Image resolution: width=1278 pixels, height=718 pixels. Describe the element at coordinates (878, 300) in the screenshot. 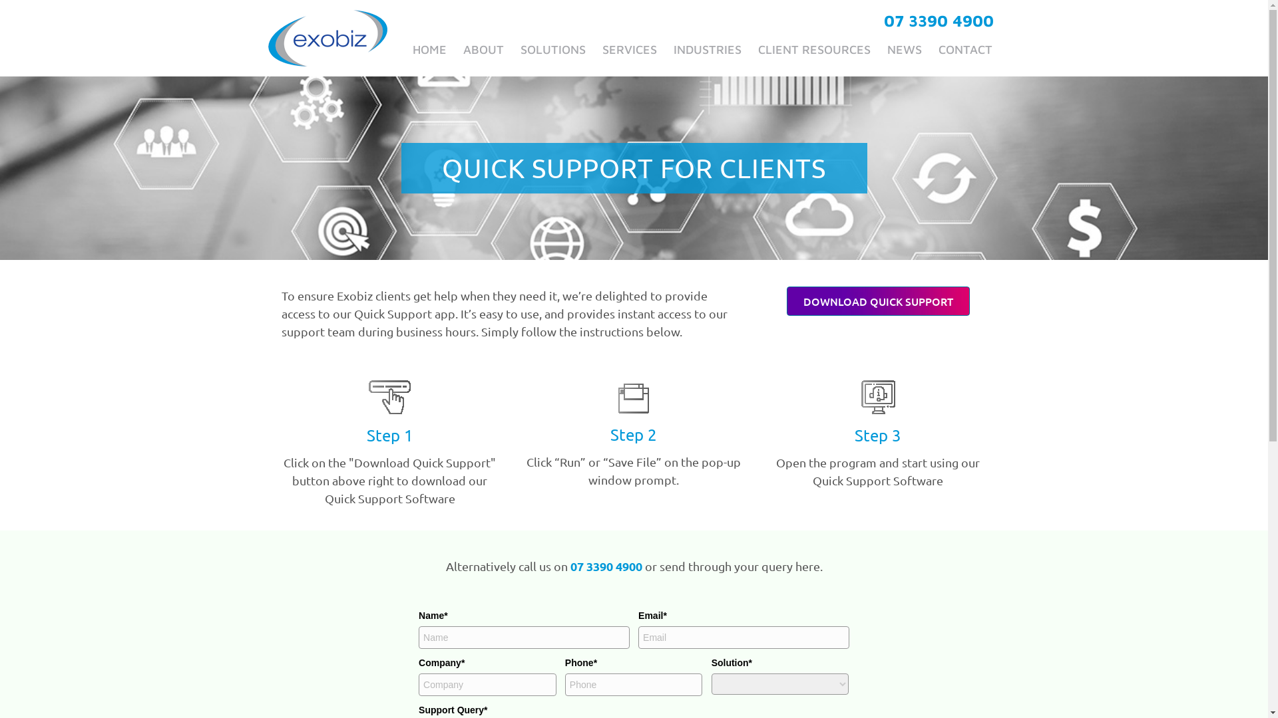

I see `'DOWNLOAD QUICK SUPPORT'` at that location.